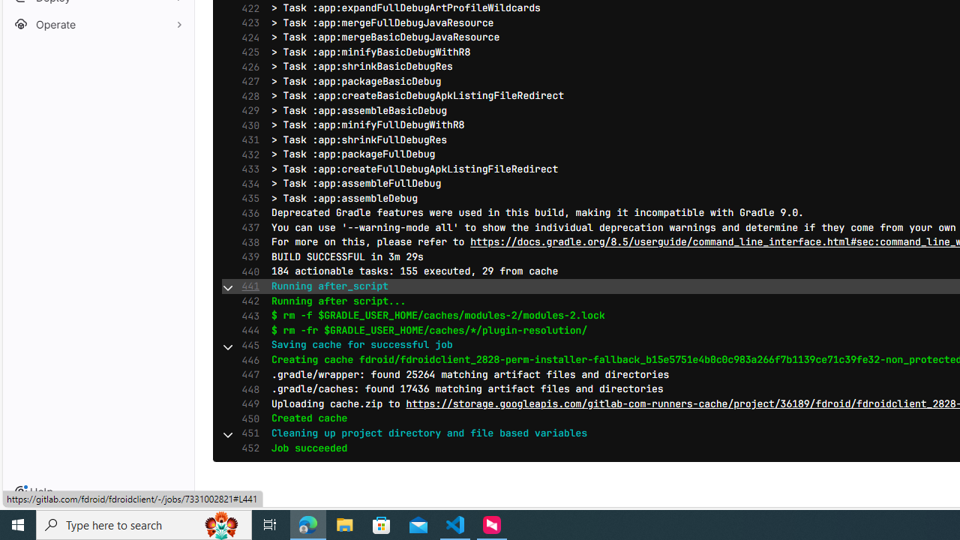 This screenshot has height=540, width=960. I want to click on '425', so click(247, 51).